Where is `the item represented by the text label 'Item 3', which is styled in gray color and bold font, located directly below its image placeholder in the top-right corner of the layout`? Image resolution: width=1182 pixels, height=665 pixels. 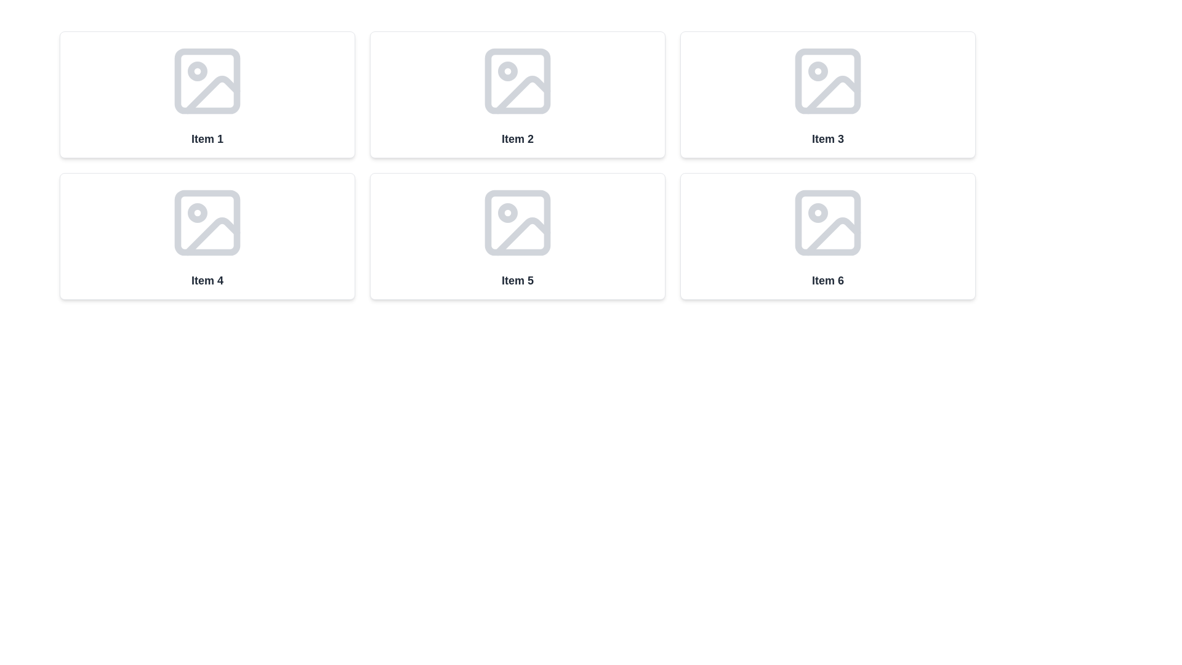
the item represented by the text label 'Item 3', which is styled in gray color and bold font, located directly below its image placeholder in the top-right corner of the layout is located at coordinates (827, 139).